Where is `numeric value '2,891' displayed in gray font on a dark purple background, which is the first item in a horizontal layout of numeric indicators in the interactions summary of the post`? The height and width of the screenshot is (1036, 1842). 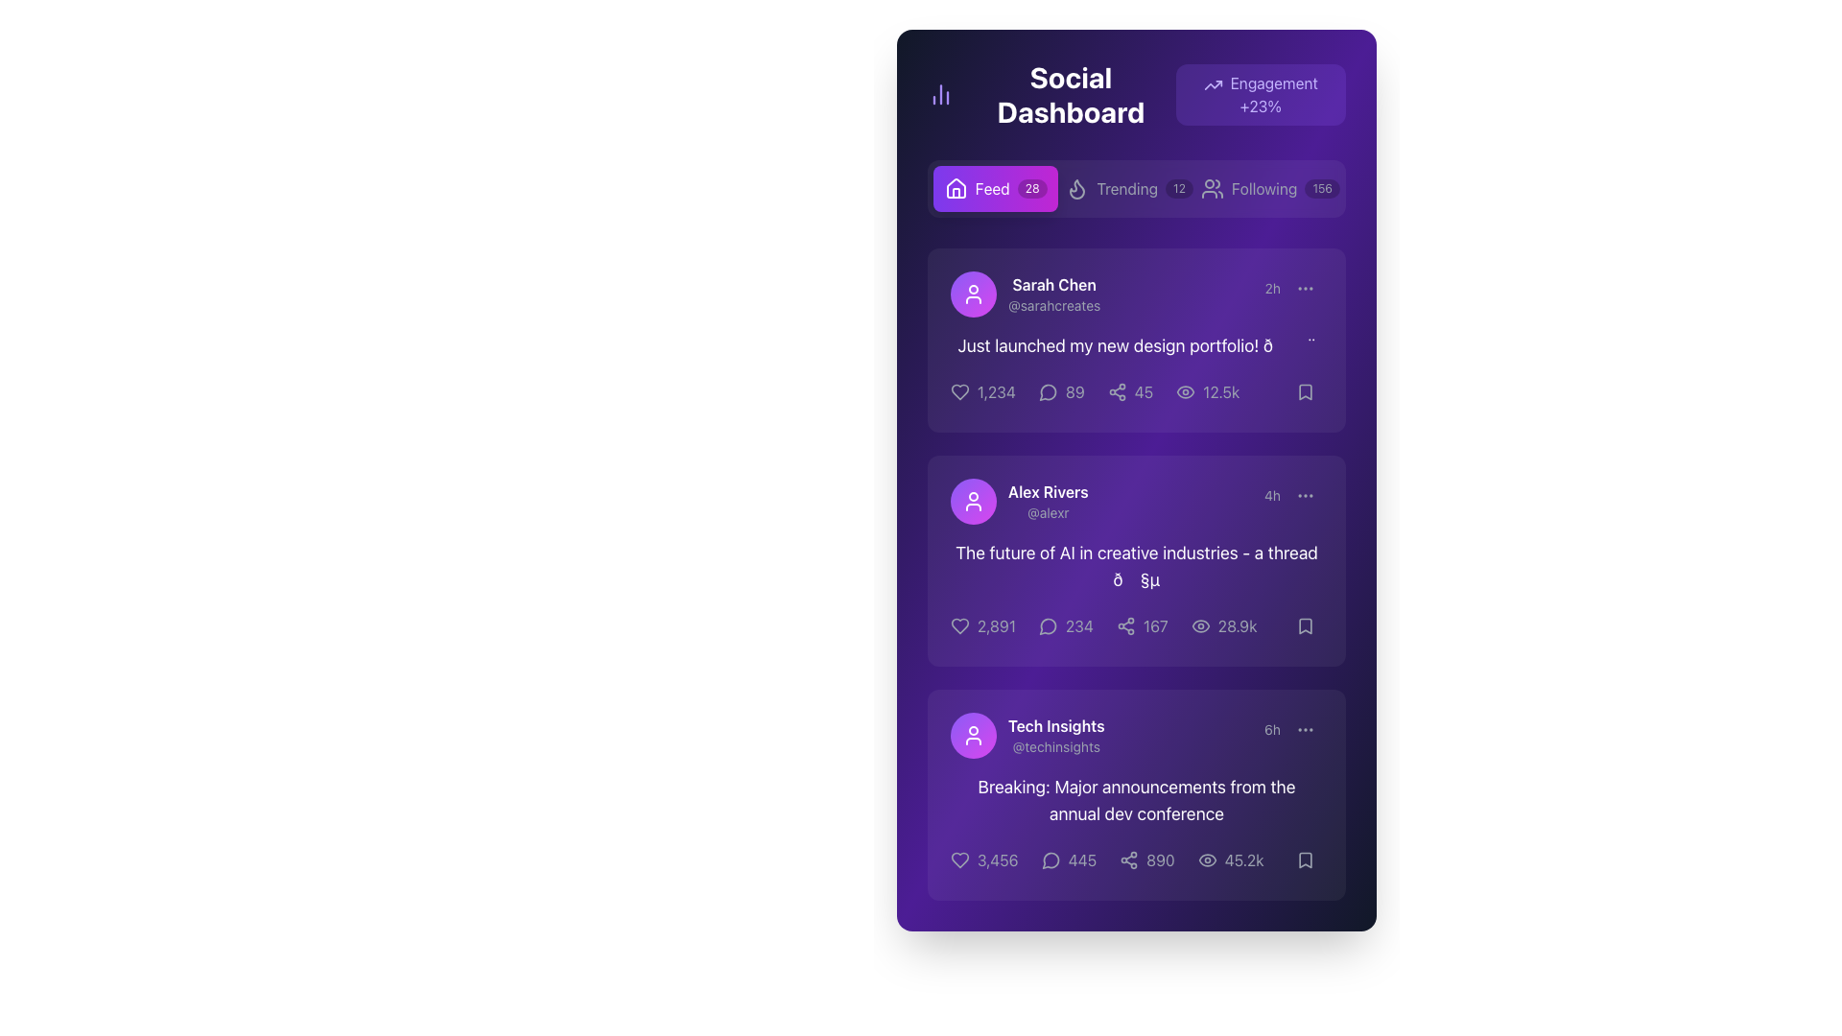 numeric value '2,891' displayed in gray font on a dark purple background, which is the first item in a horizontal layout of numeric indicators in the interactions summary of the post is located at coordinates (996, 625).